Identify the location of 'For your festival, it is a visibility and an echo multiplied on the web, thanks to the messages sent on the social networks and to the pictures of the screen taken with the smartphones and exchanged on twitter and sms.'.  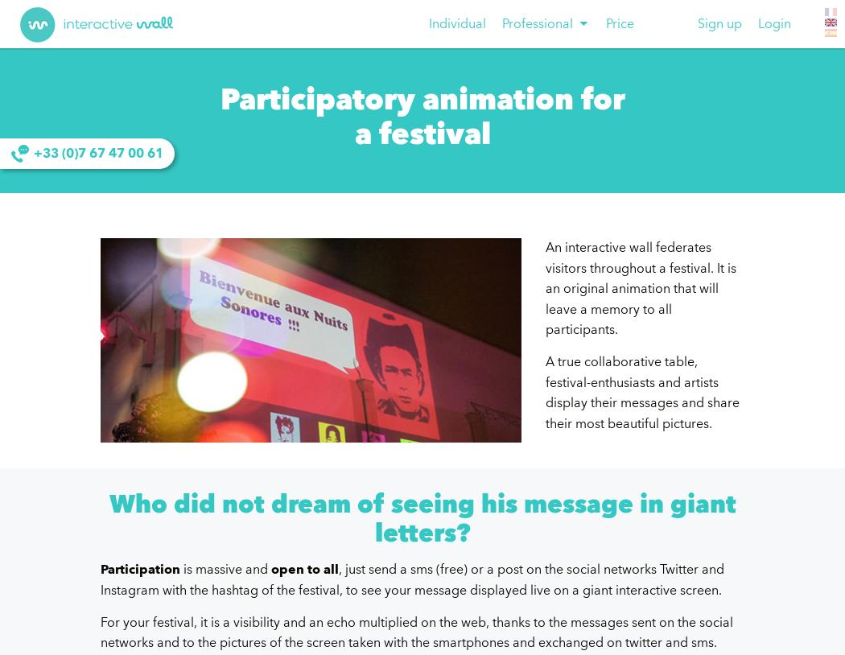
(415, 632).